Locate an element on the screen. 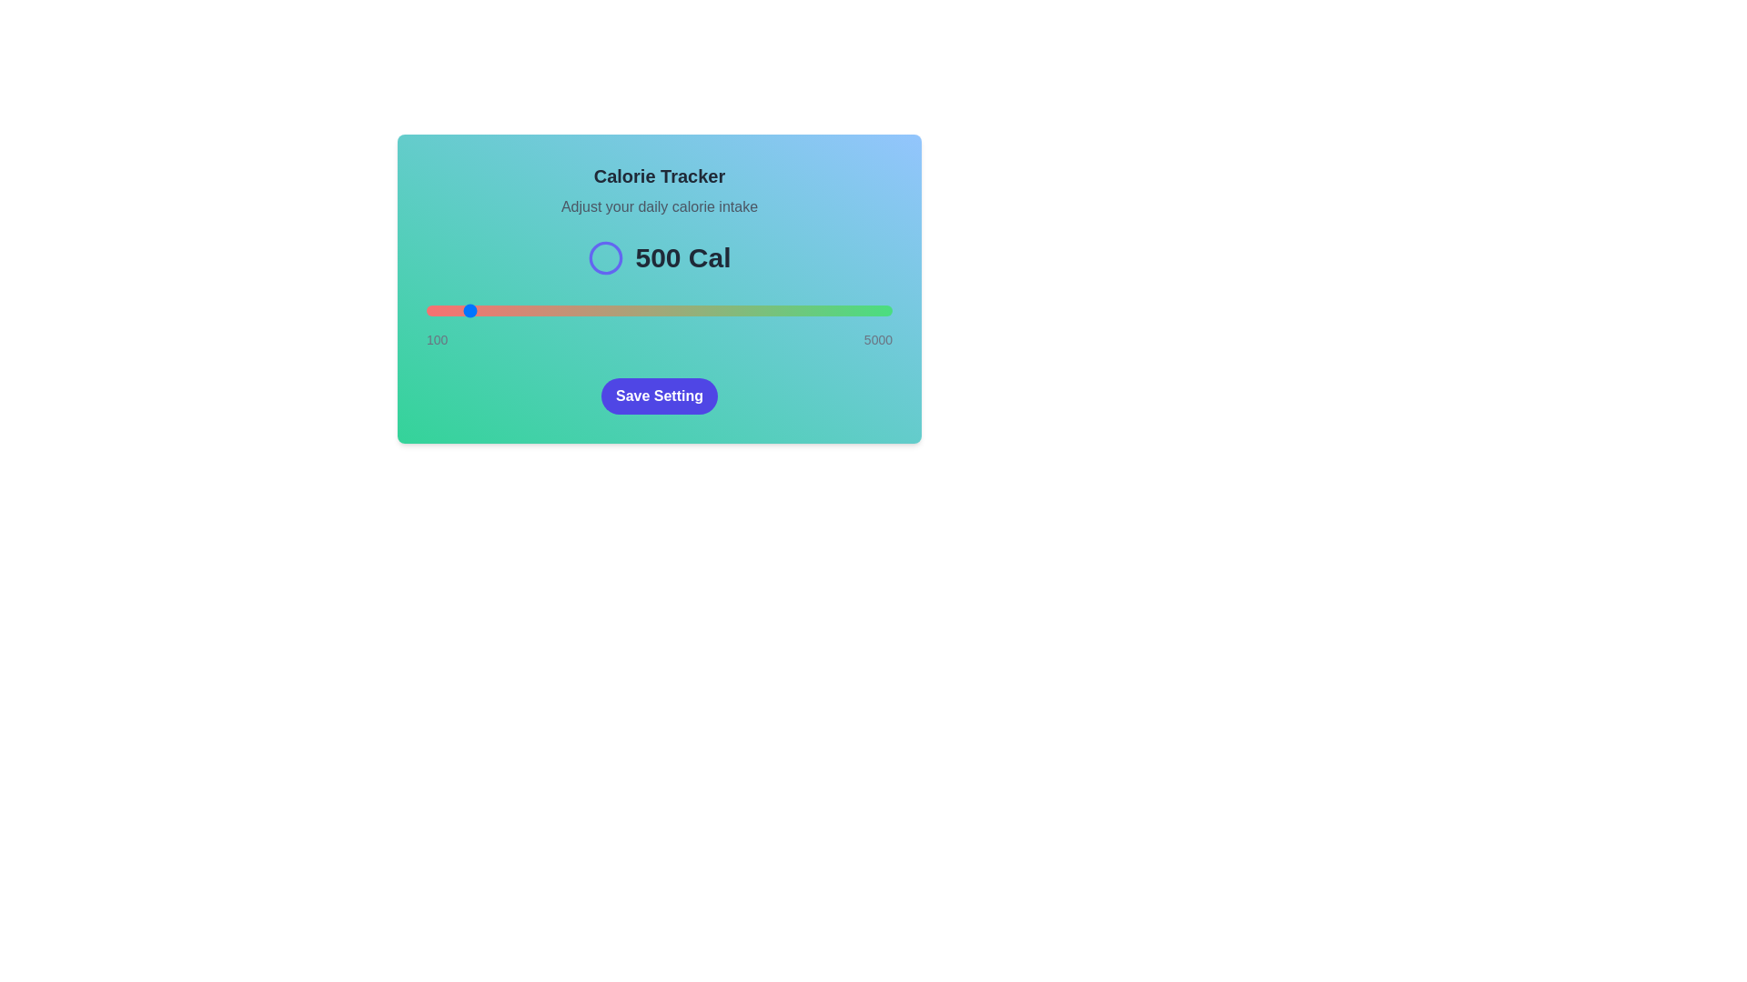 The width and height of the screenshot is (1747, 982). the calorie intake slider to 734 calories is located at coordinates (487, 310).